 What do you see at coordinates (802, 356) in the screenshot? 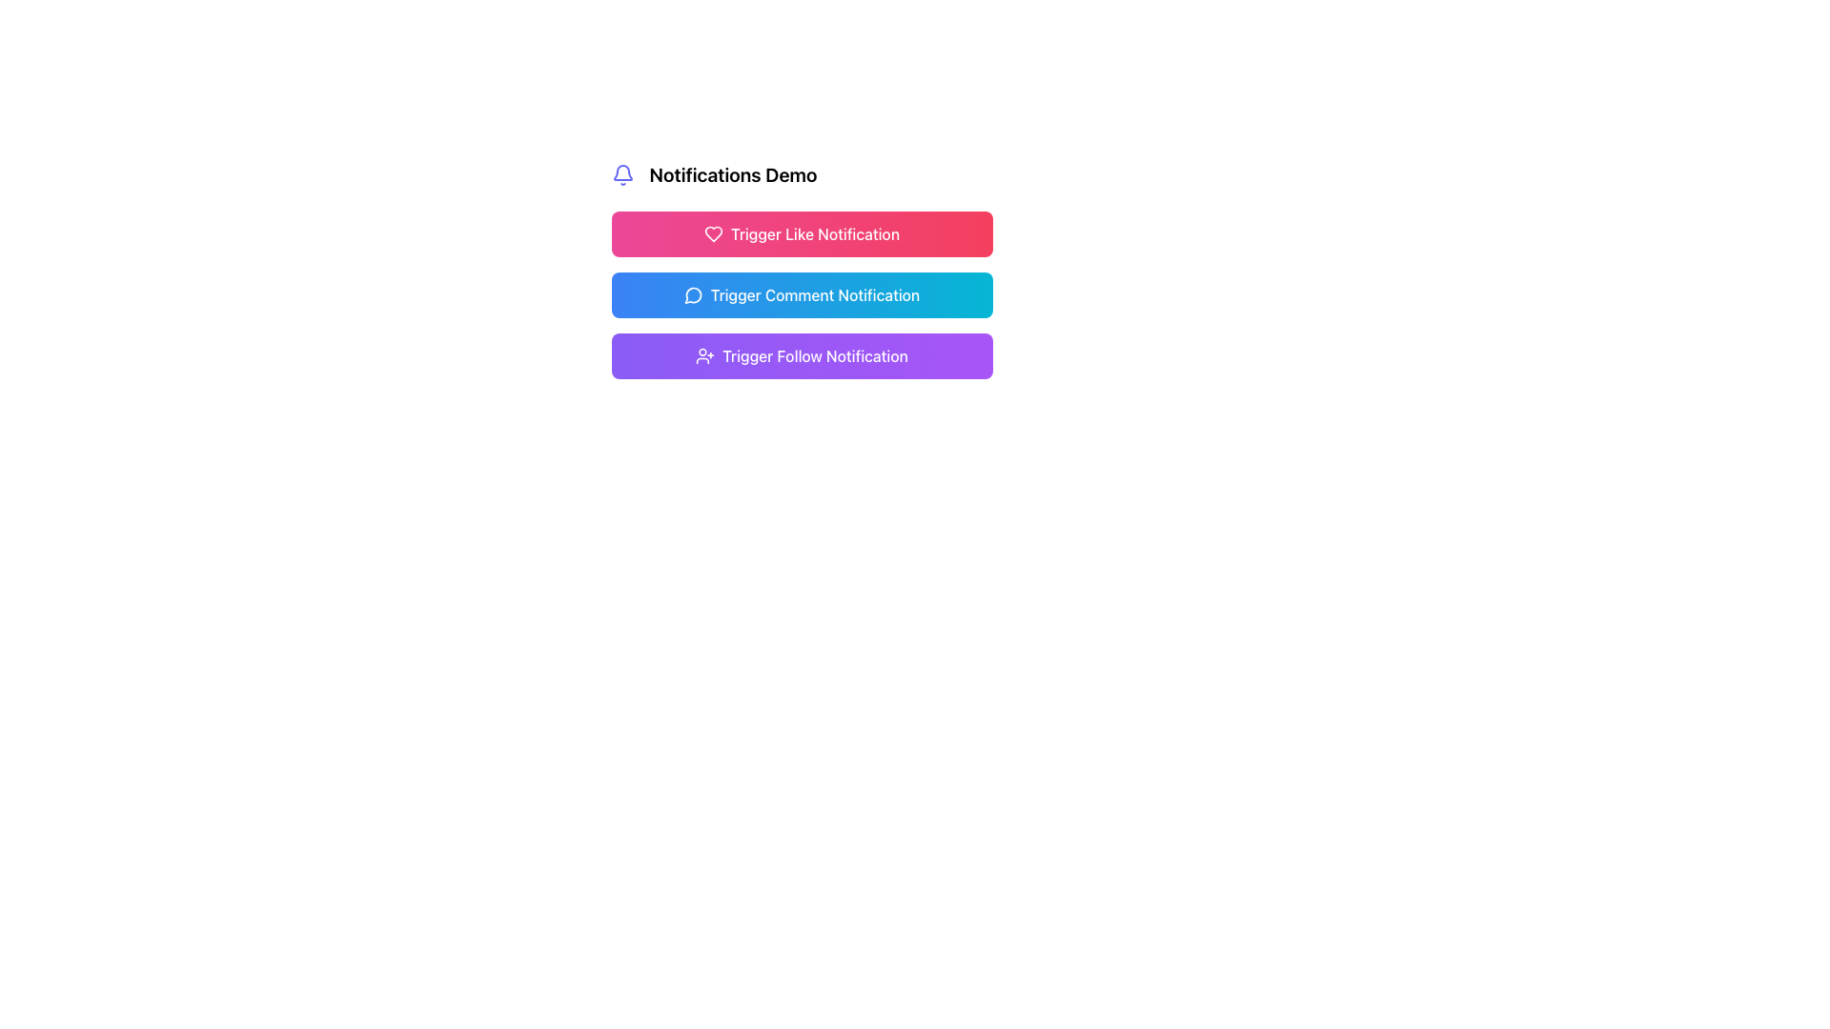
I see `the 'Trigger Follow Notification' button which has a gradient background from violet to purple and contains white text` at bounding box center [802, 356].